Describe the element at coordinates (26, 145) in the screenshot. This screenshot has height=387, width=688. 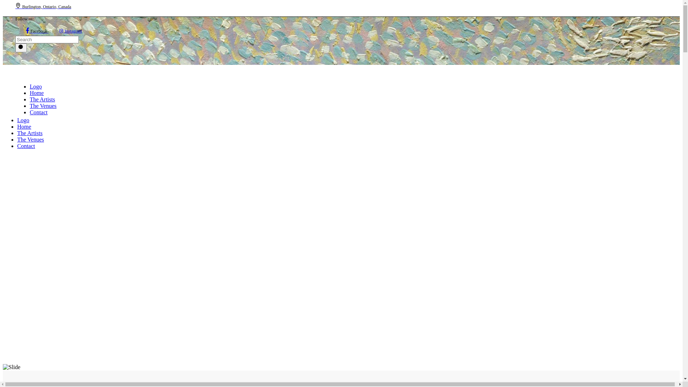
I see `'Contact'` at that location.